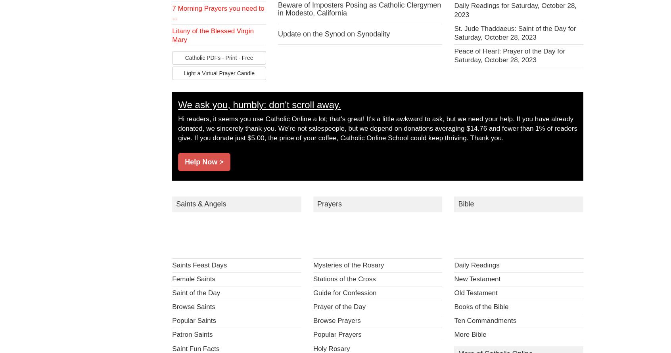  What do you see at coordinates (171, 13) in the screenshot?
I see `'7 Morning Prayers you need to ...'` at bounding box center [171, 13].